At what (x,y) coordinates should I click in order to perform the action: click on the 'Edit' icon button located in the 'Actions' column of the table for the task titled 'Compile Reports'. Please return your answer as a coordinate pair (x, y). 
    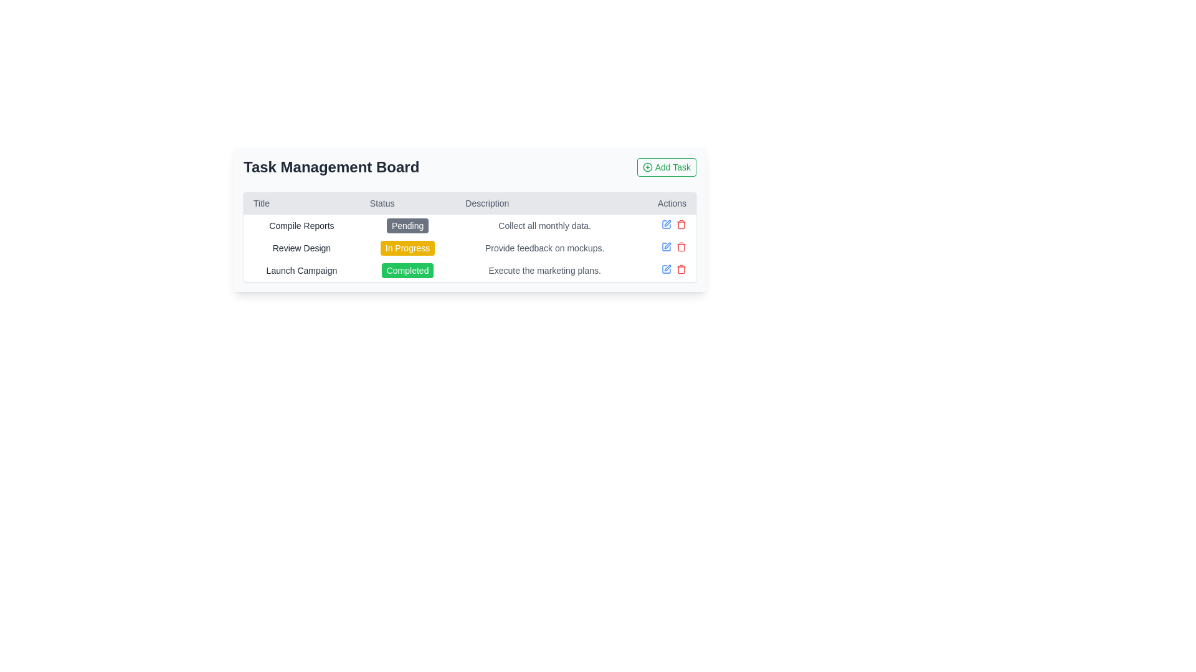
    Looking at the image, I should click on (666, 225).